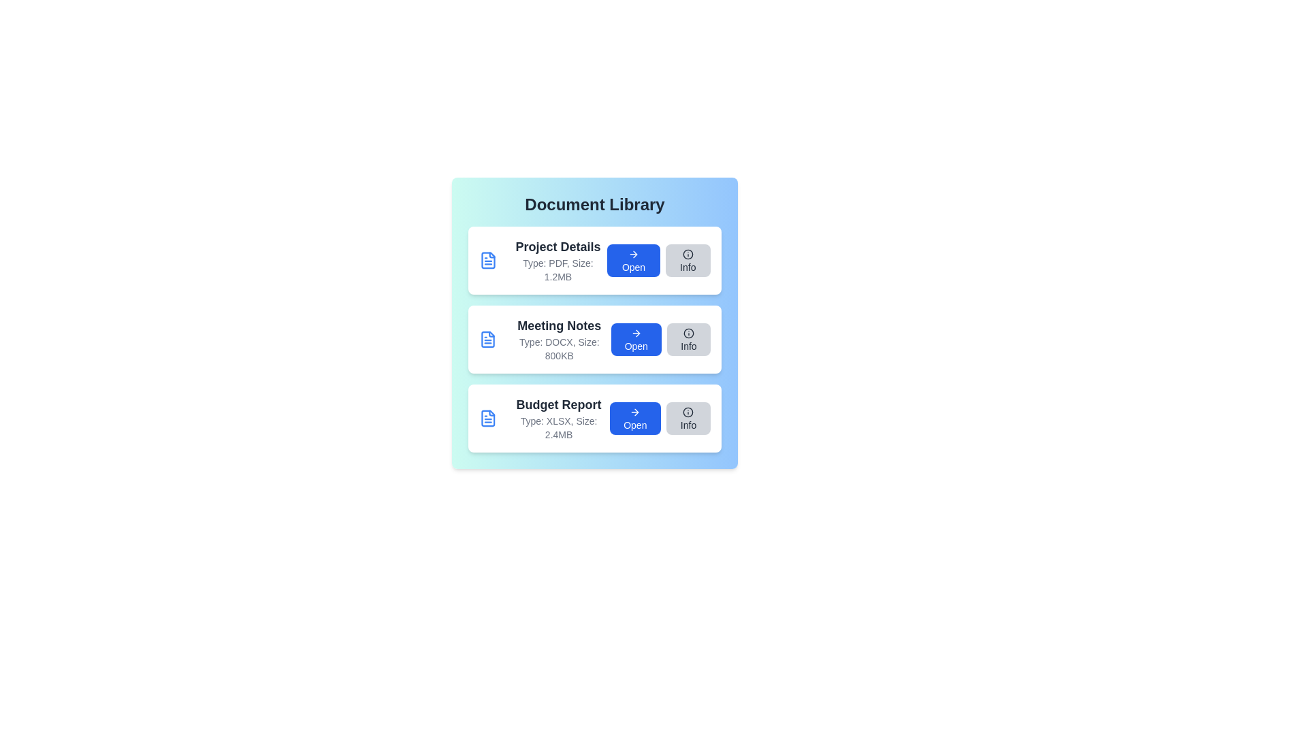 This screenshot has width=1307, height=735. What do you see at coordinates (688, 260) in the screenshot?
I see `the 'Info' button for the document titled 'Project Details'` at bounding box center [688, 260].